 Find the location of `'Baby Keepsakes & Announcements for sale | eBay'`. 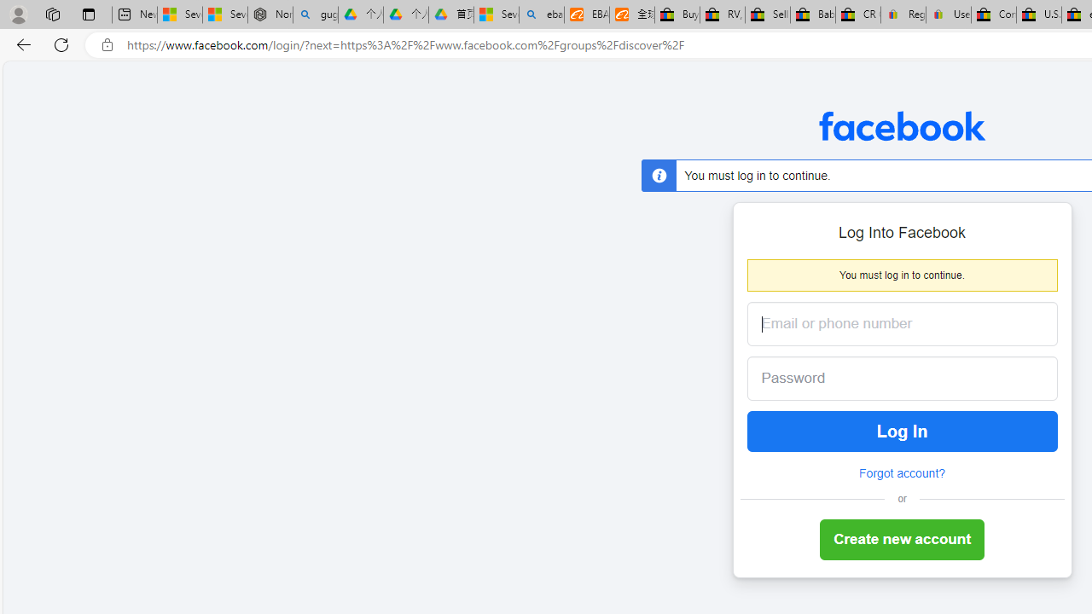

'Baby Keepsakes & Announcements for sale | eBay' is located at coordinates (811, 14).